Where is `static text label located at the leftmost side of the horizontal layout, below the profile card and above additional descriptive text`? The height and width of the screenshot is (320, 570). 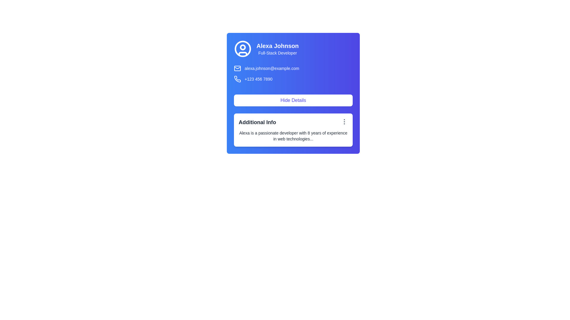
static text label located at the leftmost side of the horizontal layout, below the profile card and above additional descriptive text is located at coordinates (257, 122).